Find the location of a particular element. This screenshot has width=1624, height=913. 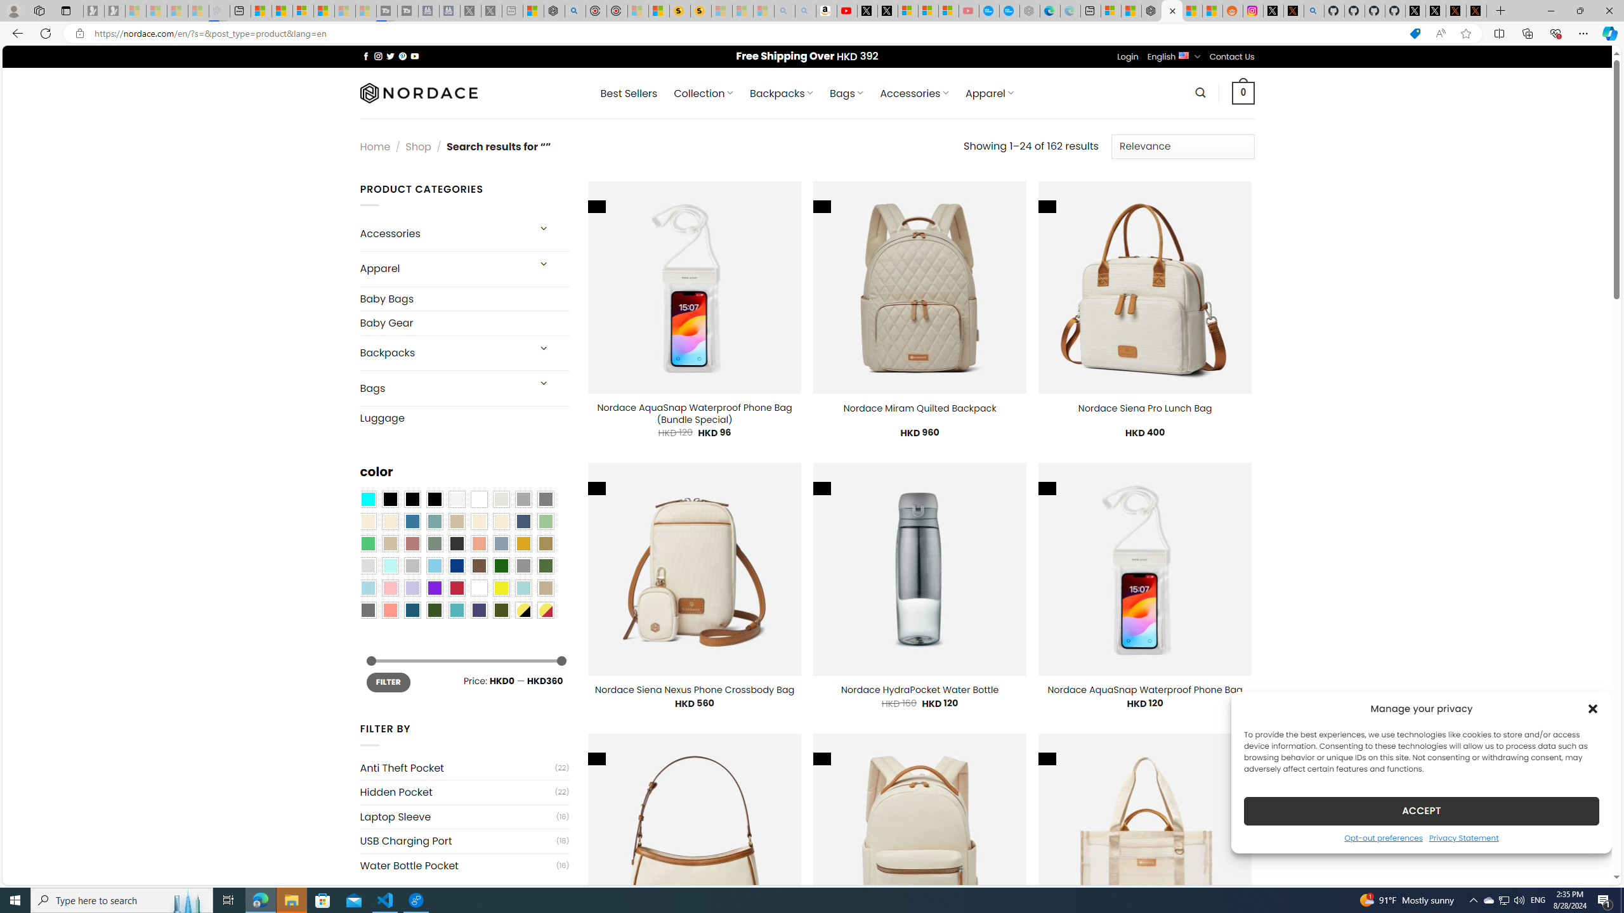

'Pearly White' is located at coordinates (455, 498).